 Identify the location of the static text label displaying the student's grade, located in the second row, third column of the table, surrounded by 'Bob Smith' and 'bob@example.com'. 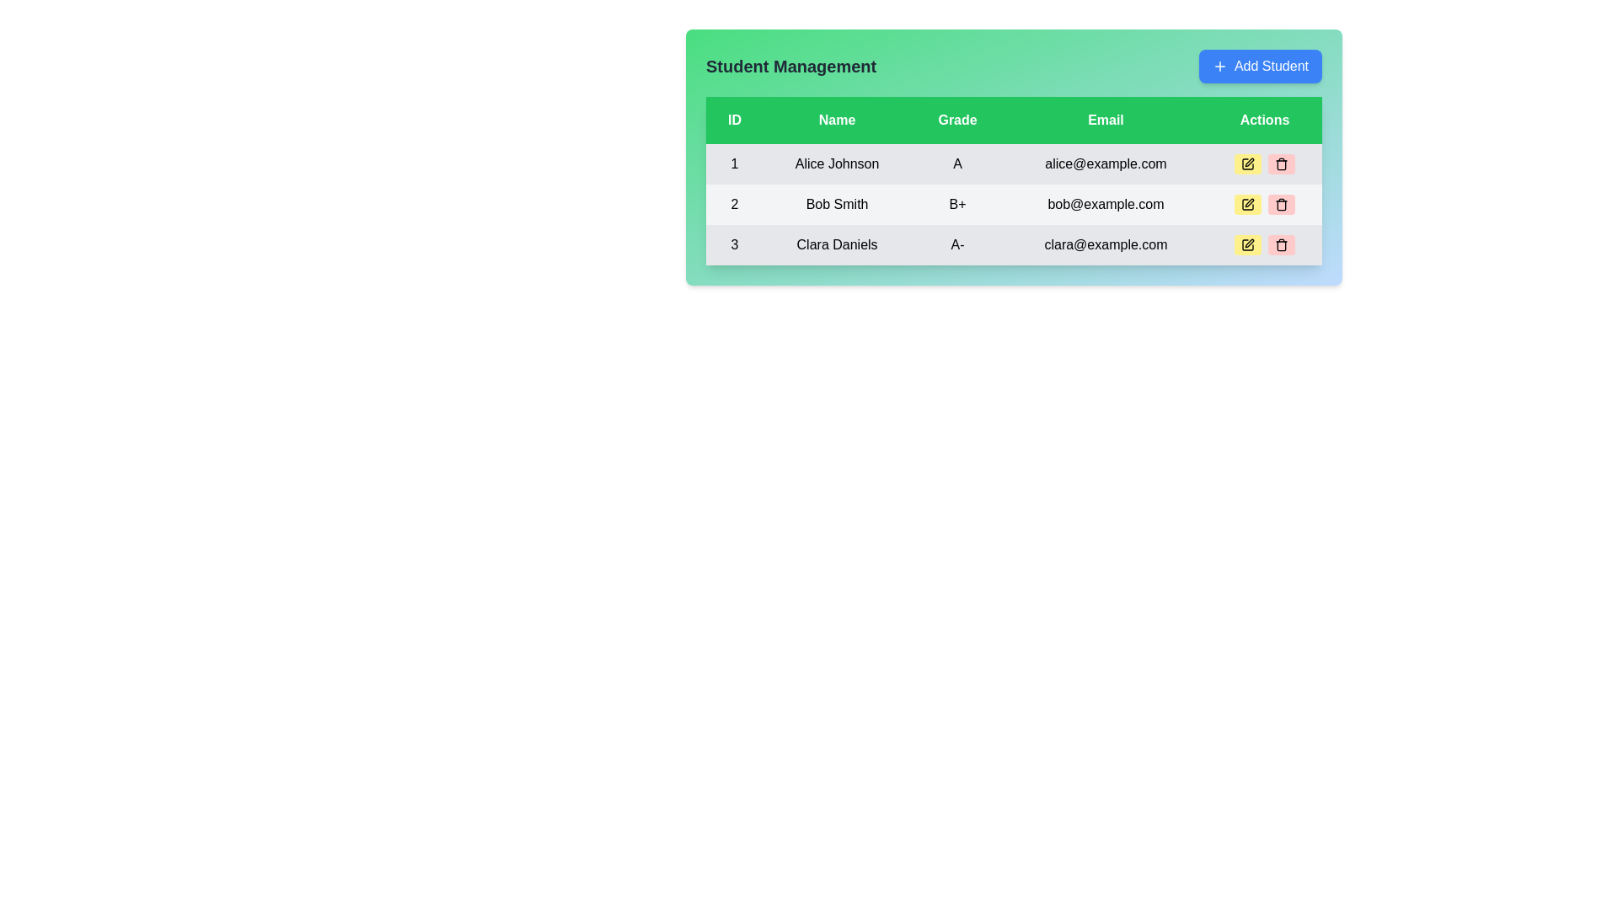
(957, 204).